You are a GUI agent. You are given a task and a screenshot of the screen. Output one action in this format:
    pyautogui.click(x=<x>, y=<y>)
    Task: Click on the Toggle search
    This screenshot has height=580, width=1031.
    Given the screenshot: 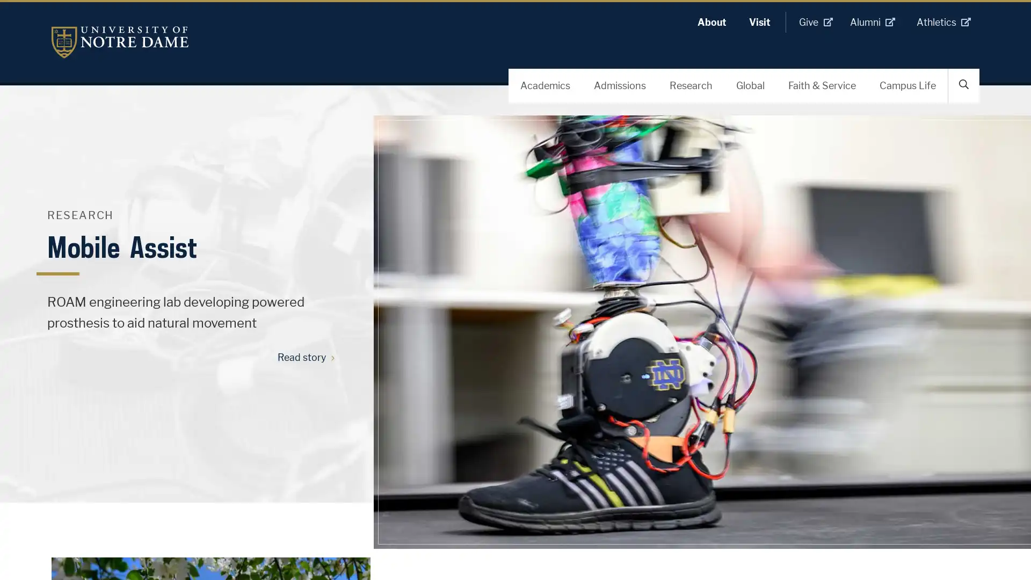 What is the action you would take?
    pyautogui.click(x=964, y=84)
    